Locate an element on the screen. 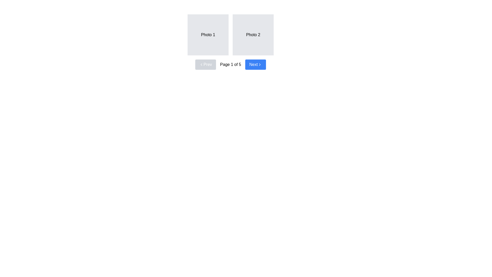 Image resolution: width=492 pixels, height=277 pixels. the 'Next' button located at the far-right side of the navigation section is located at coordinates (255, 64).